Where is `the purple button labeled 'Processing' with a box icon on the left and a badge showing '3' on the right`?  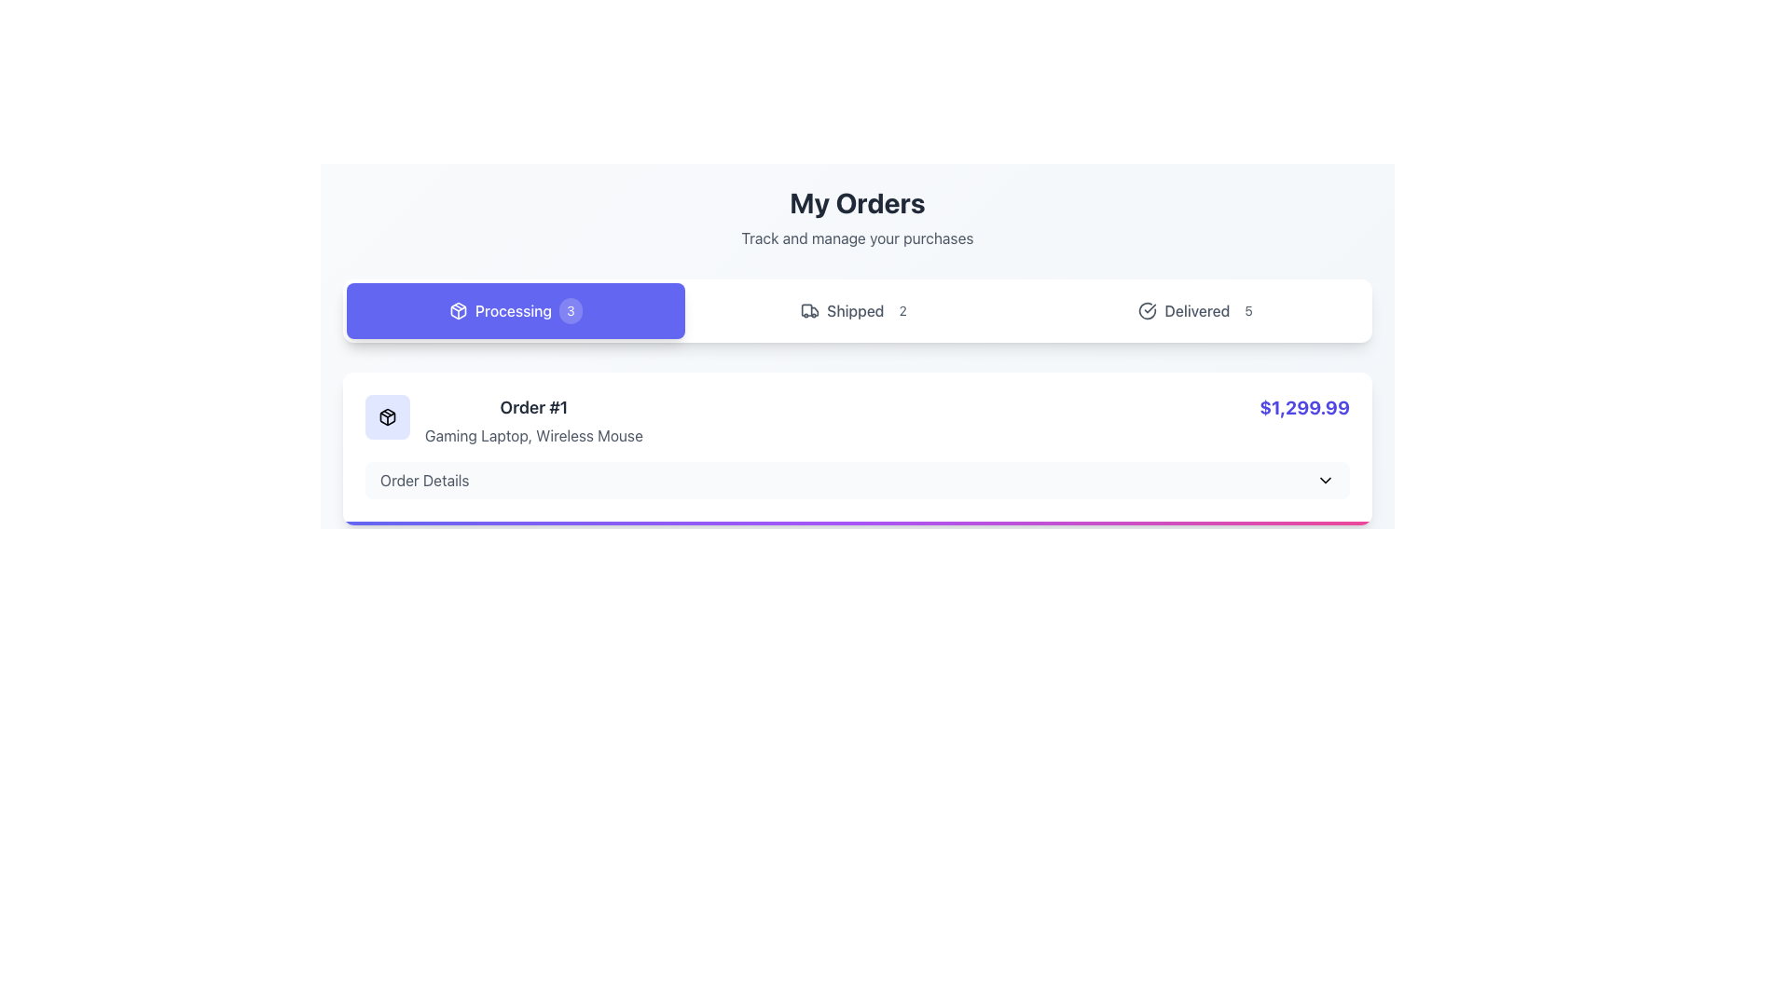
the purple button labeled 'Processing' with a box icon on the left and a badge showing '3' on the right is located at coordinates (515, 310).